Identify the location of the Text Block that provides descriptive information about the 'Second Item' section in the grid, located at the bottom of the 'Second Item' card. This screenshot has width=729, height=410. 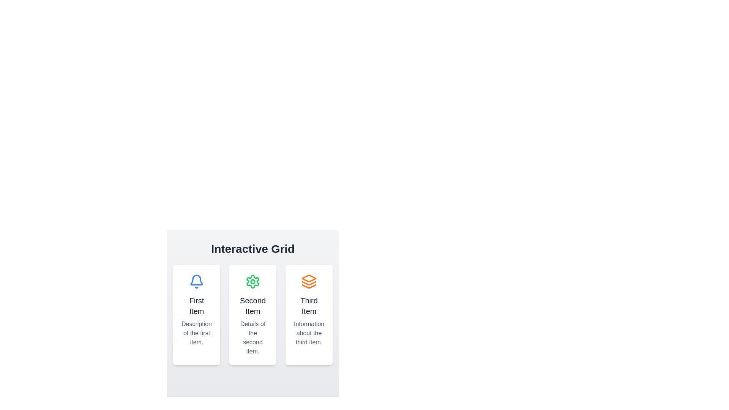
(253, 337).